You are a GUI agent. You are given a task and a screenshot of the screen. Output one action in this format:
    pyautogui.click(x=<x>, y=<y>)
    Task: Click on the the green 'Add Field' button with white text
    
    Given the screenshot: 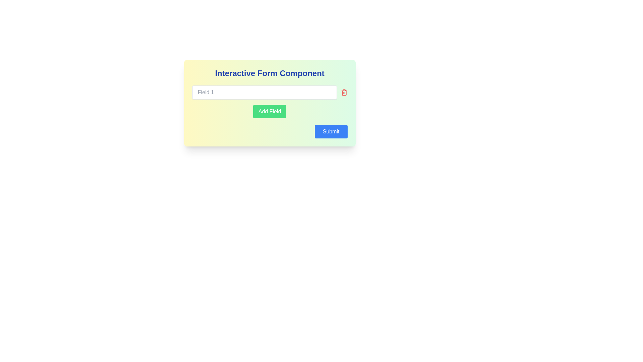 What is the action you would take?
    pyautogui.click(x=270, y=102)
    